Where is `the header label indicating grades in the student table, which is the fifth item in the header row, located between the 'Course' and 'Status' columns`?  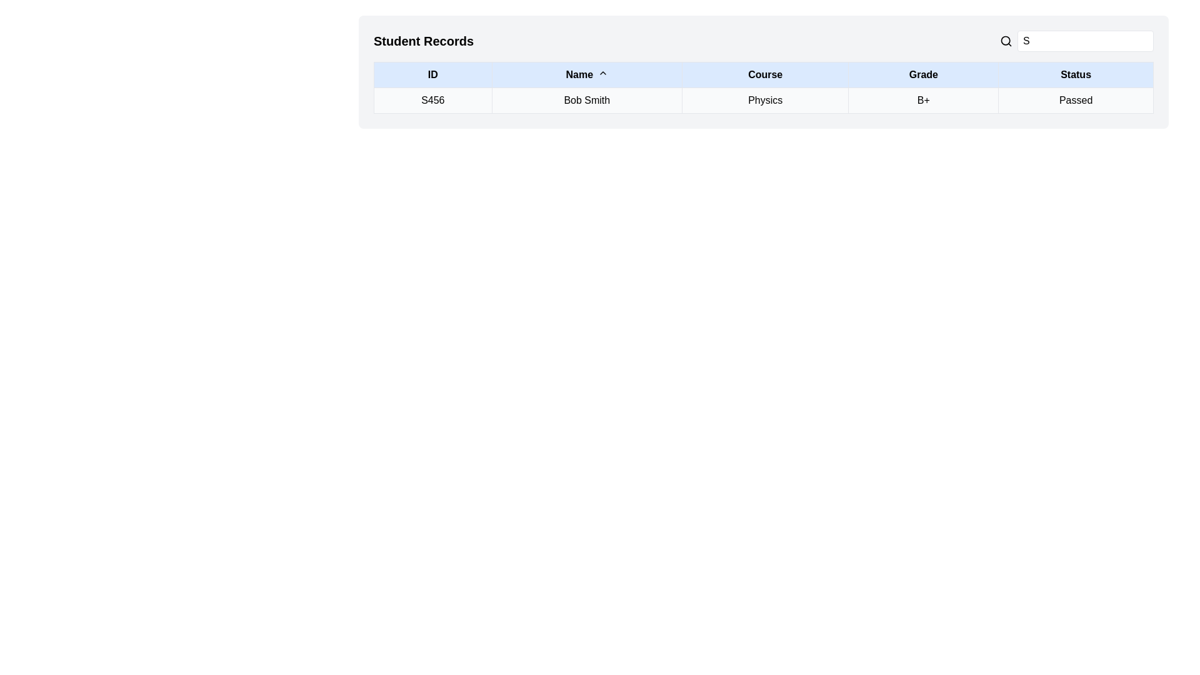 the header label indicating grades in the student table, which is the fifth item in the header row, located between the 'Course' and 'Status' columns is located at coordinates (923, 74).